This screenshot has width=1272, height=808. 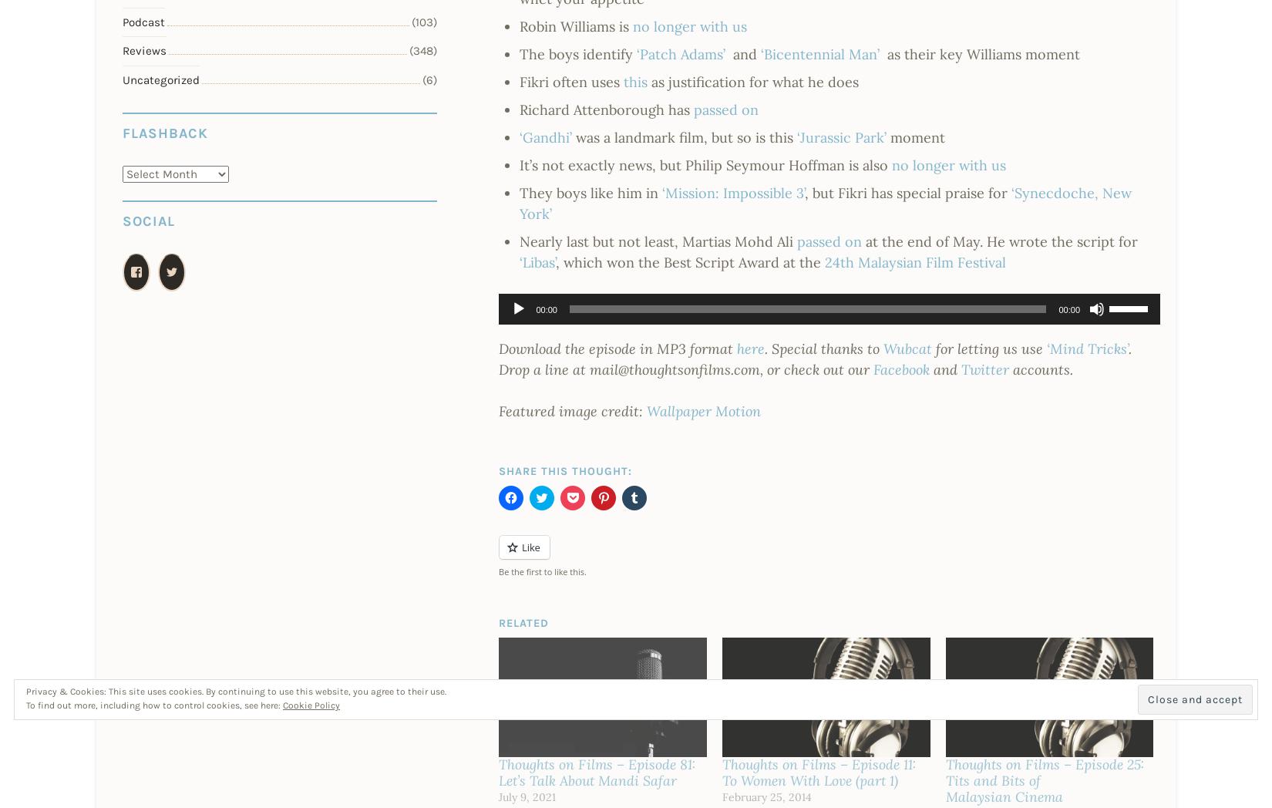 I want to click on '‘Libas’', so click(x=537, y=261).